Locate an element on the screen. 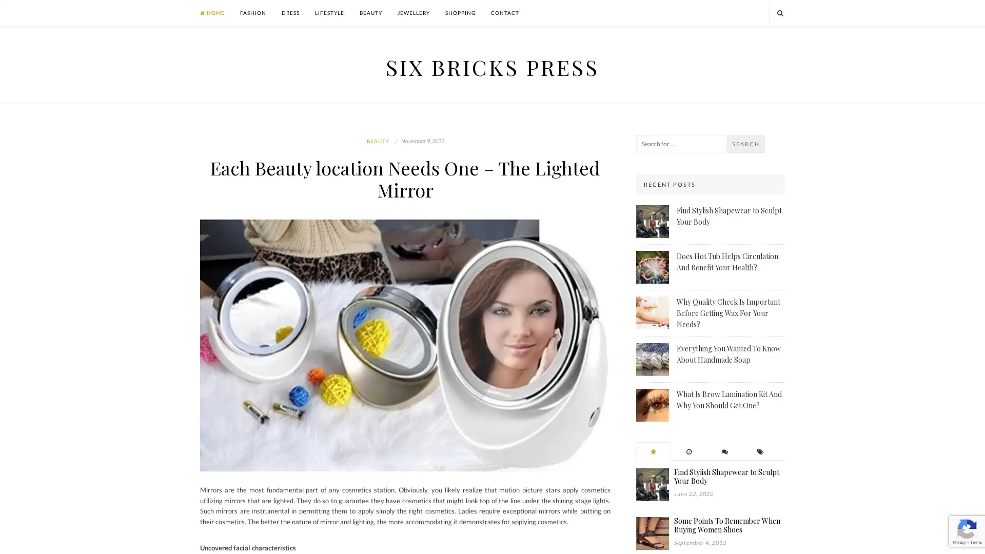 The height and width of the screenshot is (554, 985). SEARCH is located at coordinates (746, 144).